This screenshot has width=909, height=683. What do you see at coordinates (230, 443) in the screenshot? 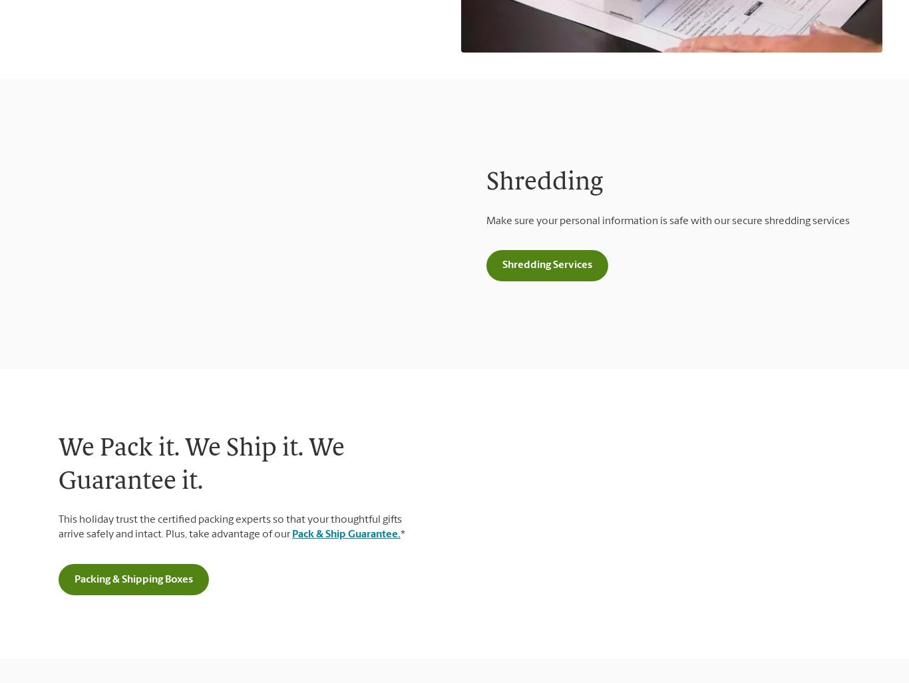
I see `'6615 W Boynton Beach Blvd'` at bounding box center [230, 443].